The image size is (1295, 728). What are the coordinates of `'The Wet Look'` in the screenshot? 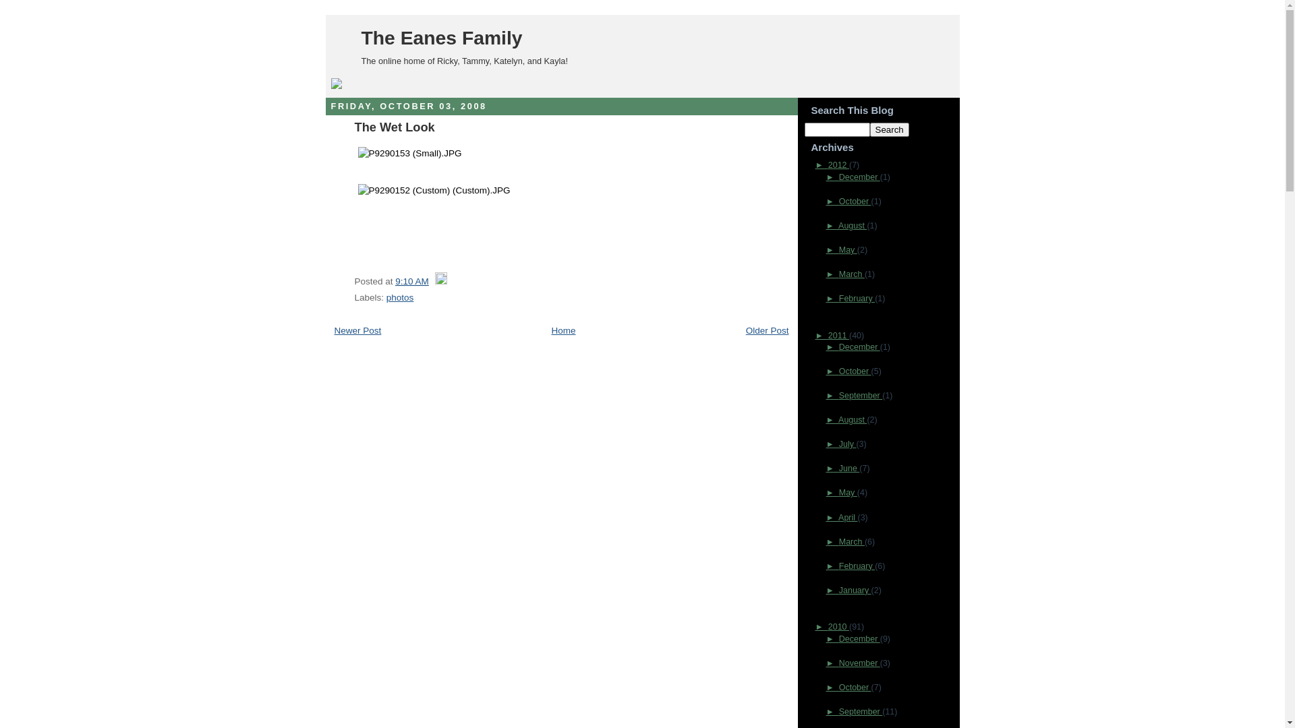 It's located at (394, 127).